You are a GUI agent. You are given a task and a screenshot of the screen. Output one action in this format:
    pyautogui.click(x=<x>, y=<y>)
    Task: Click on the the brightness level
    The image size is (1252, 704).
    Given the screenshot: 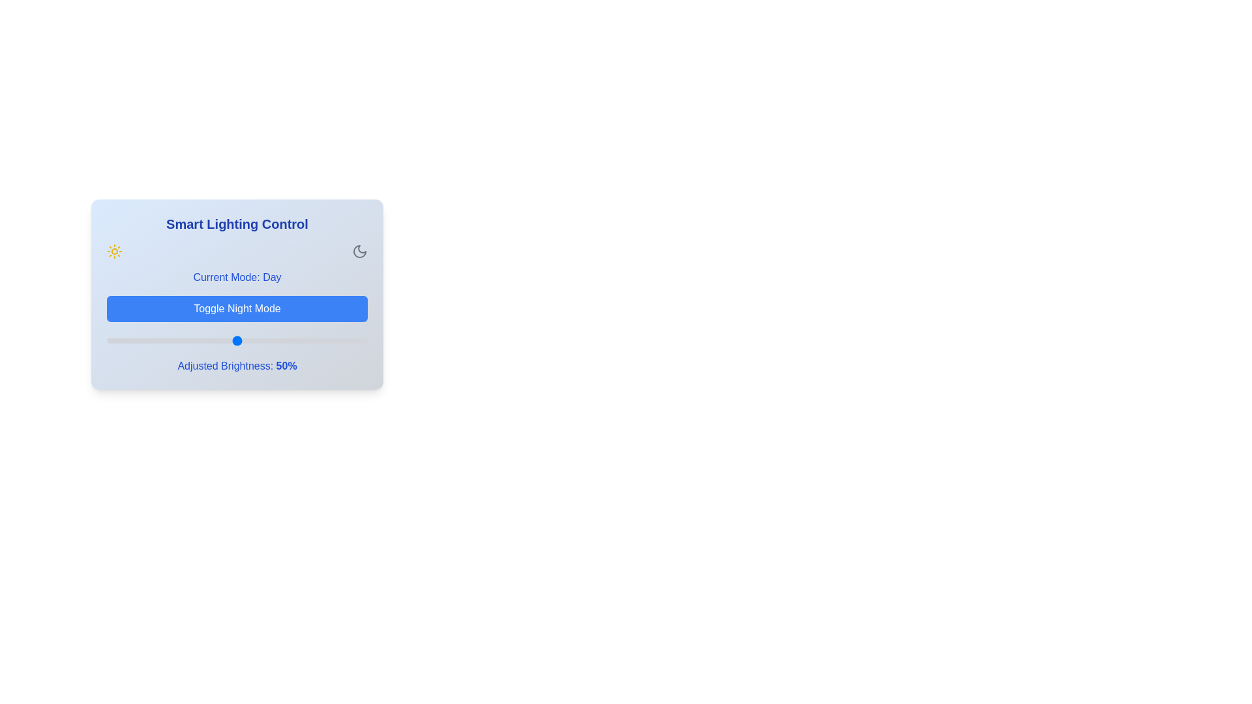 What is the action you would take?
    pyautogui.click(x=219, y=340)
    